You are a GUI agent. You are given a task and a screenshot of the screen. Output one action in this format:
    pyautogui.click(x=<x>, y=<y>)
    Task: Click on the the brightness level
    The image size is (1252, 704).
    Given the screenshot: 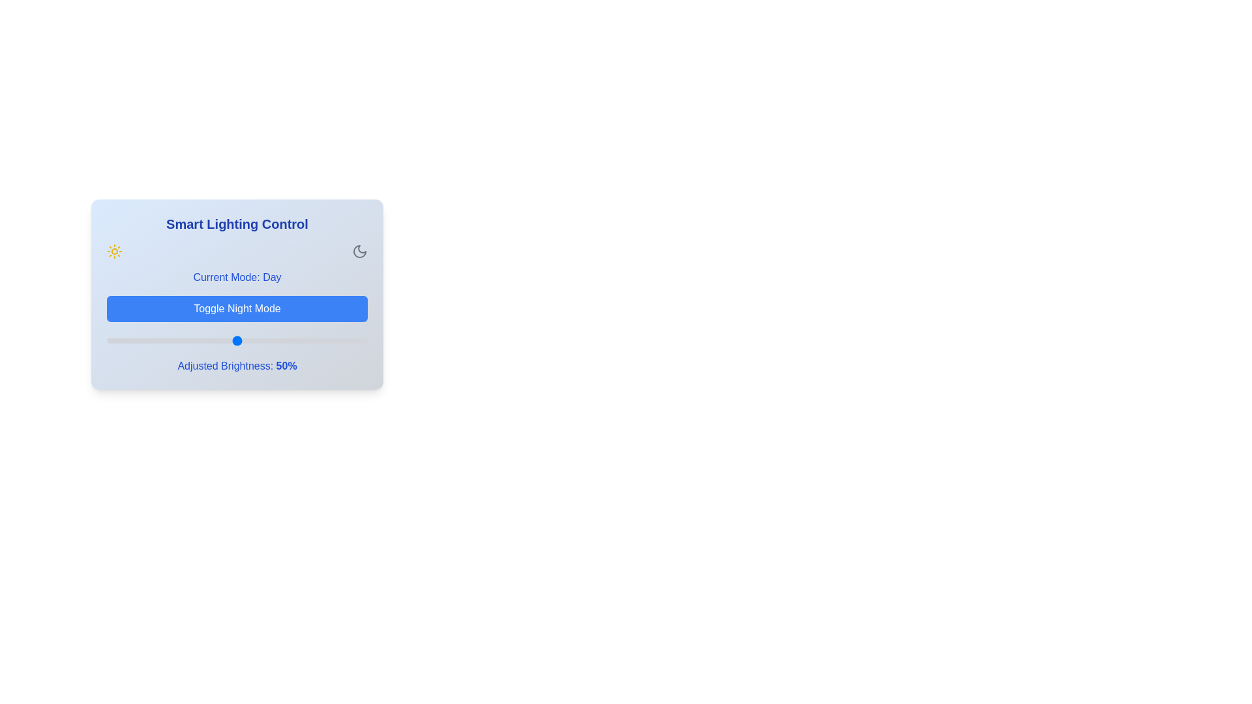 What is the action you would take?
    pyautogui.click(x=219, y=340)
    